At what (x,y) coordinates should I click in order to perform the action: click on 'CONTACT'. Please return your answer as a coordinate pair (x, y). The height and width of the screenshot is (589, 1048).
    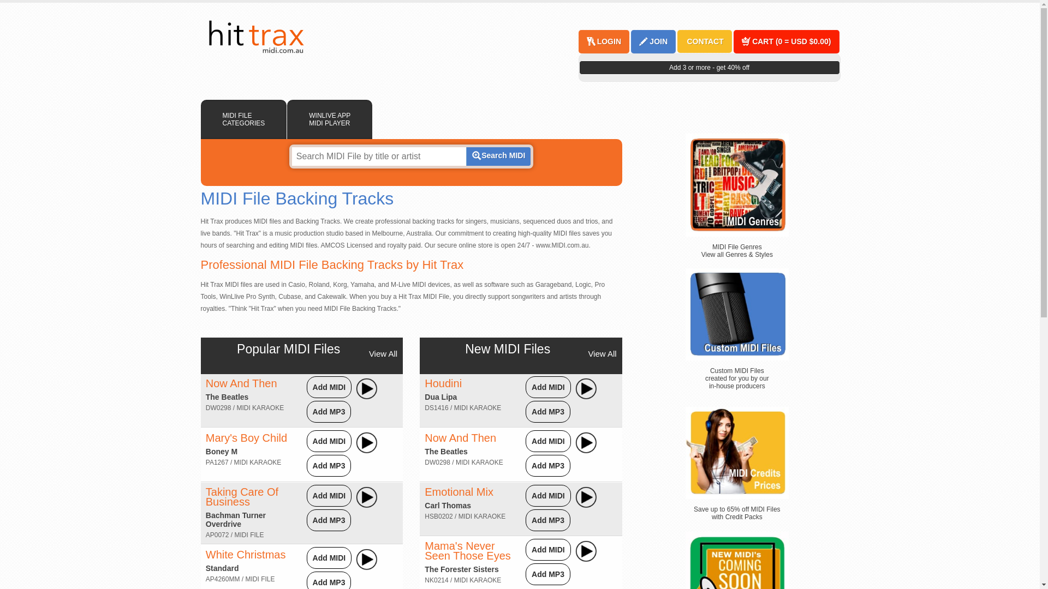
    Looking at the image, I should click on (704, 41).